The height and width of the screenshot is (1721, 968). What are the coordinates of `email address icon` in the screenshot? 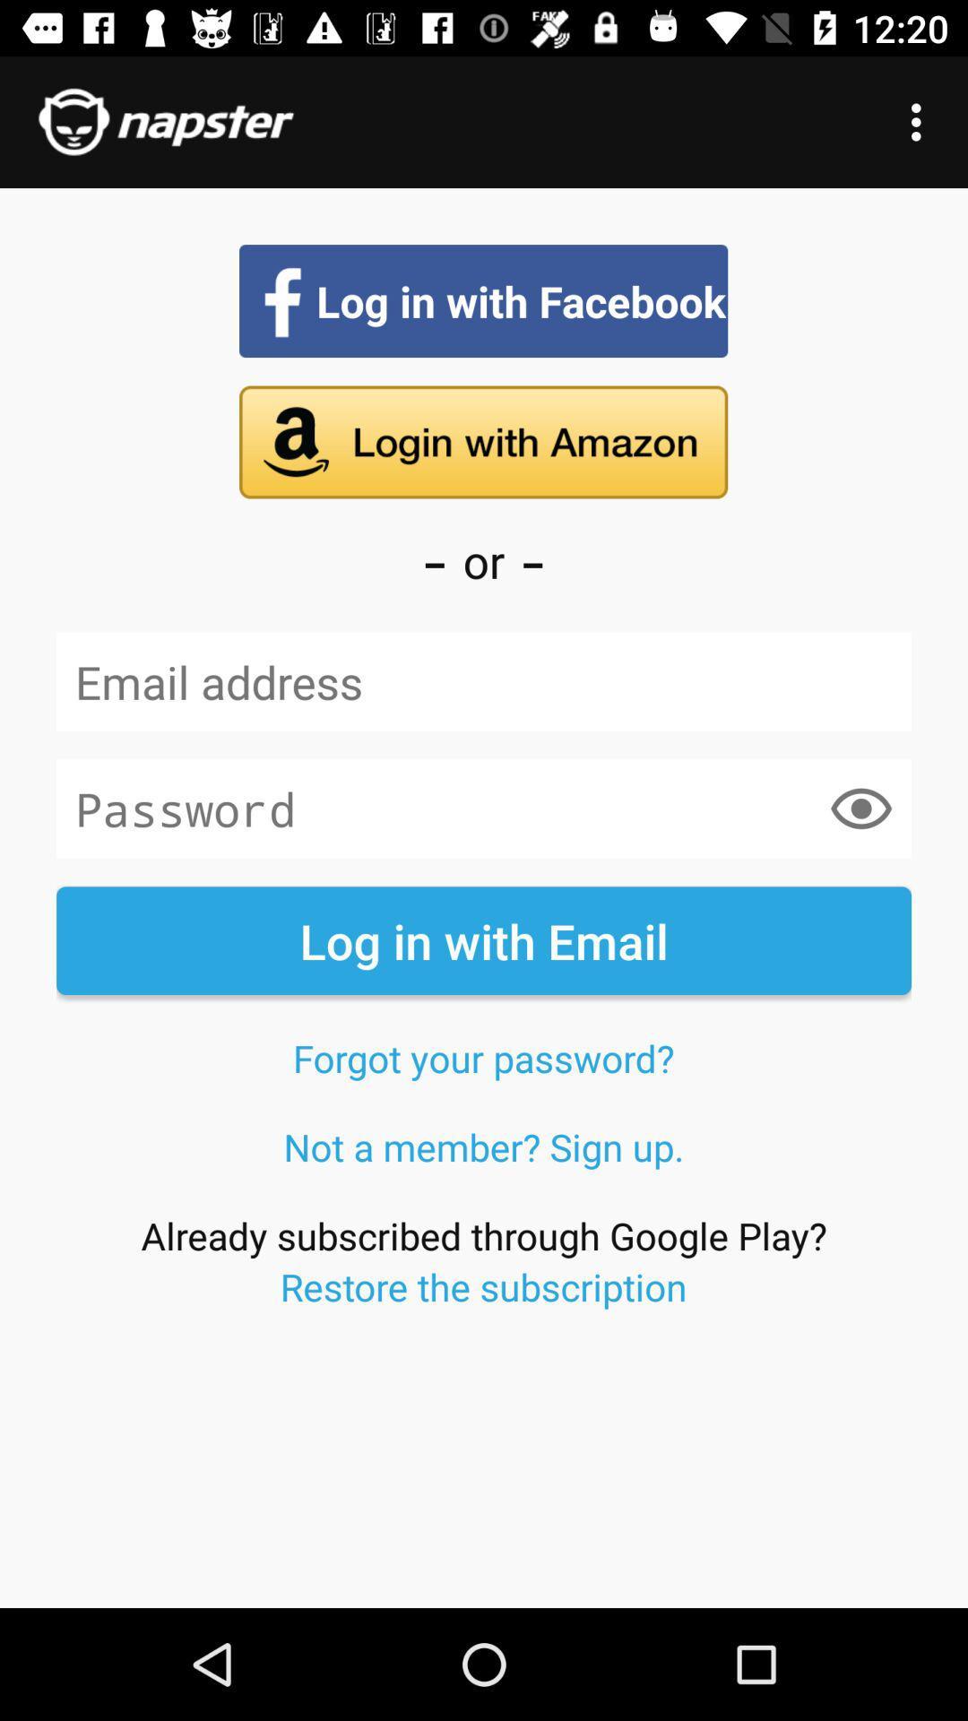 It's located at (484, 681).